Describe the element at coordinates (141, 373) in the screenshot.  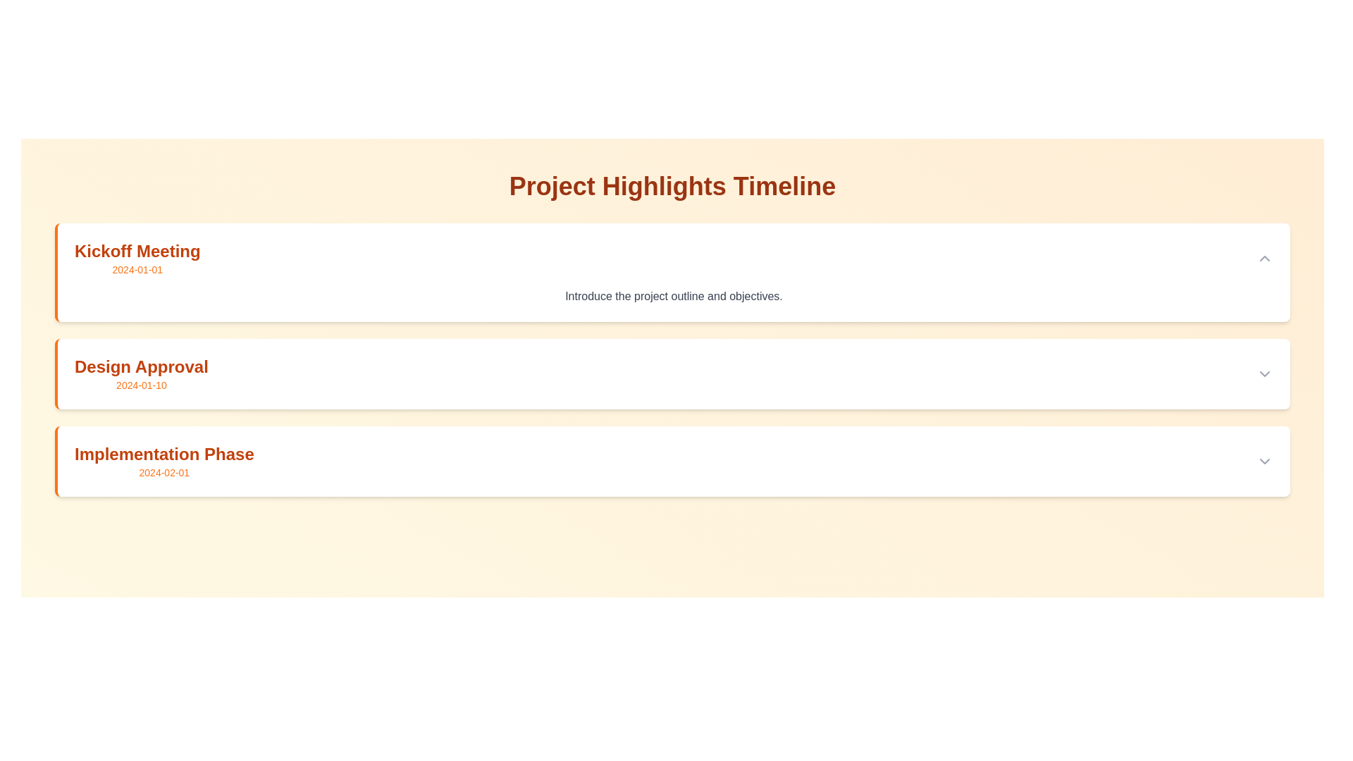
I see `the Text Label element displaying 'Design Approval' and '2024-01-10', which is the second item under the 'Project Highlights Timeline' header` at that location.